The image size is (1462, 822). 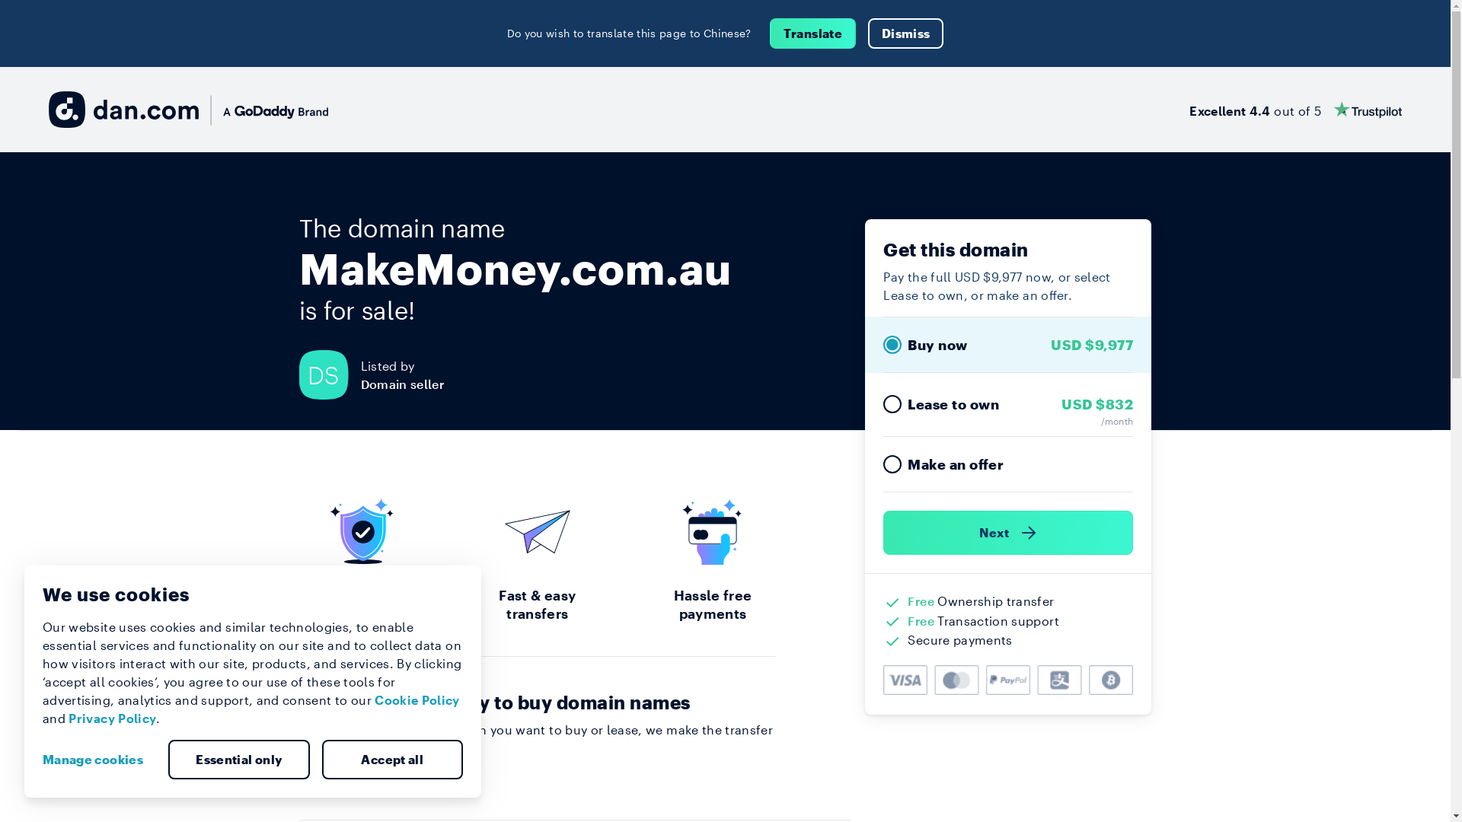 I want to click on 'Privacy Policy', so click(x=111, y=718).